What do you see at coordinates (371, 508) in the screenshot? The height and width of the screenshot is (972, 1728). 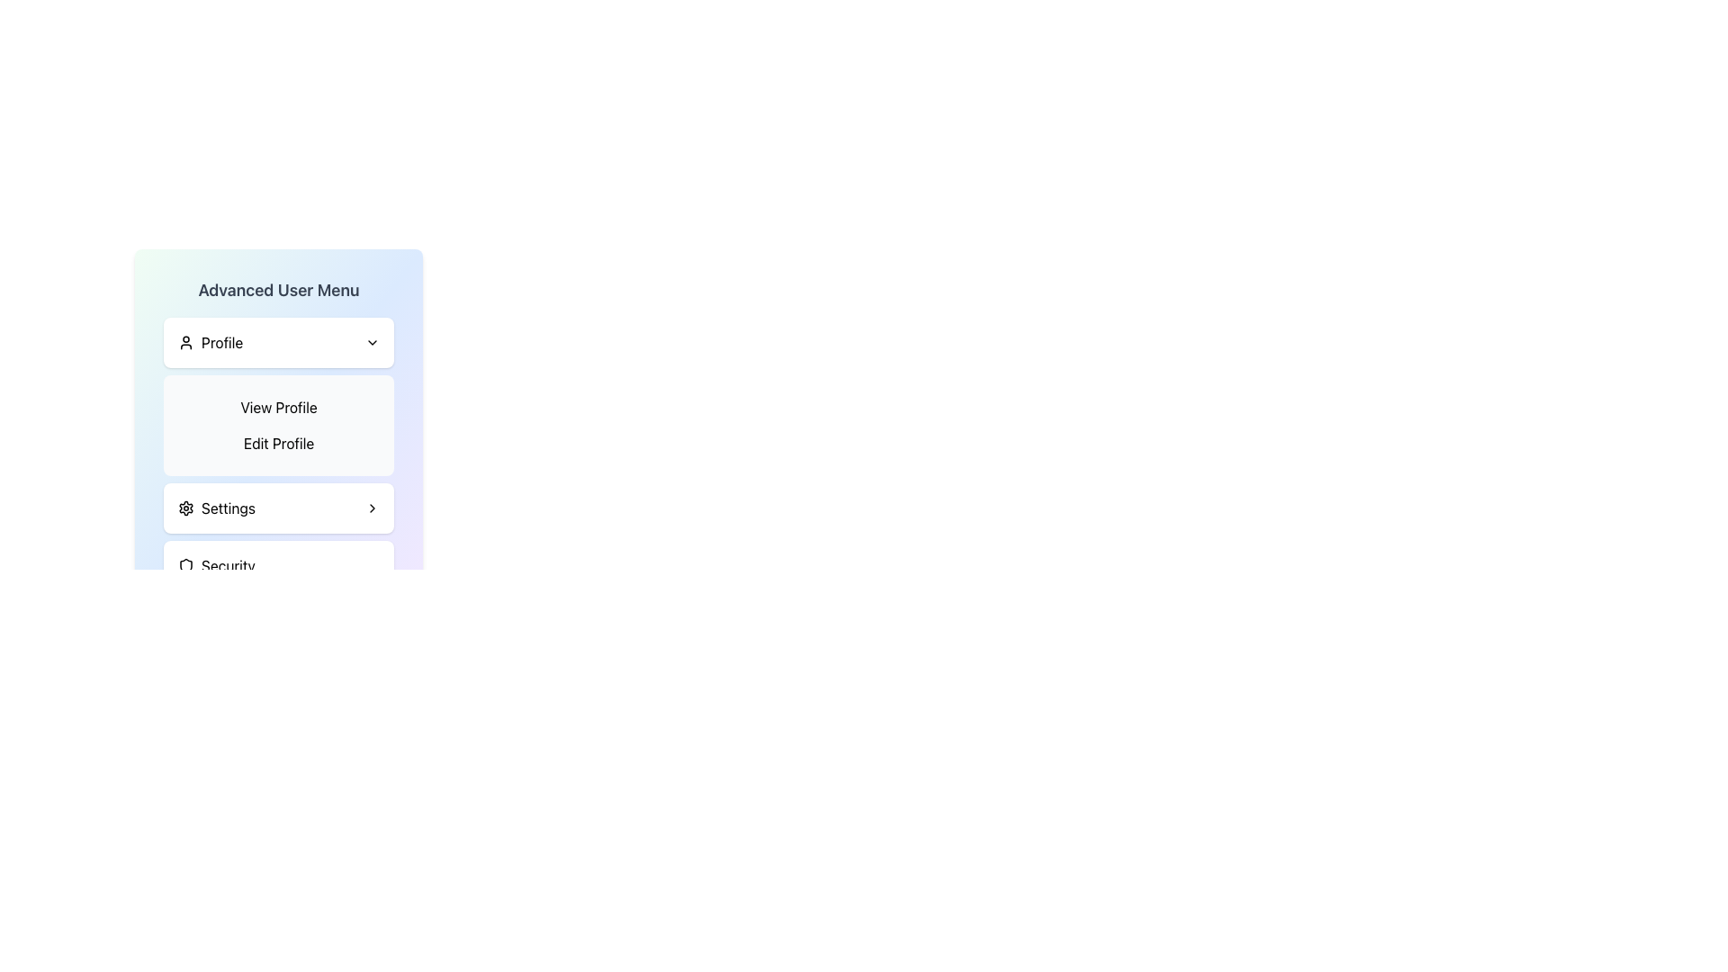 I see `the interactive icon located at the far right edge of the 'Settings' card, which serves as an indicator for expanding or navigating to another page related to 'Settings'` at bounding box center [371, 508].